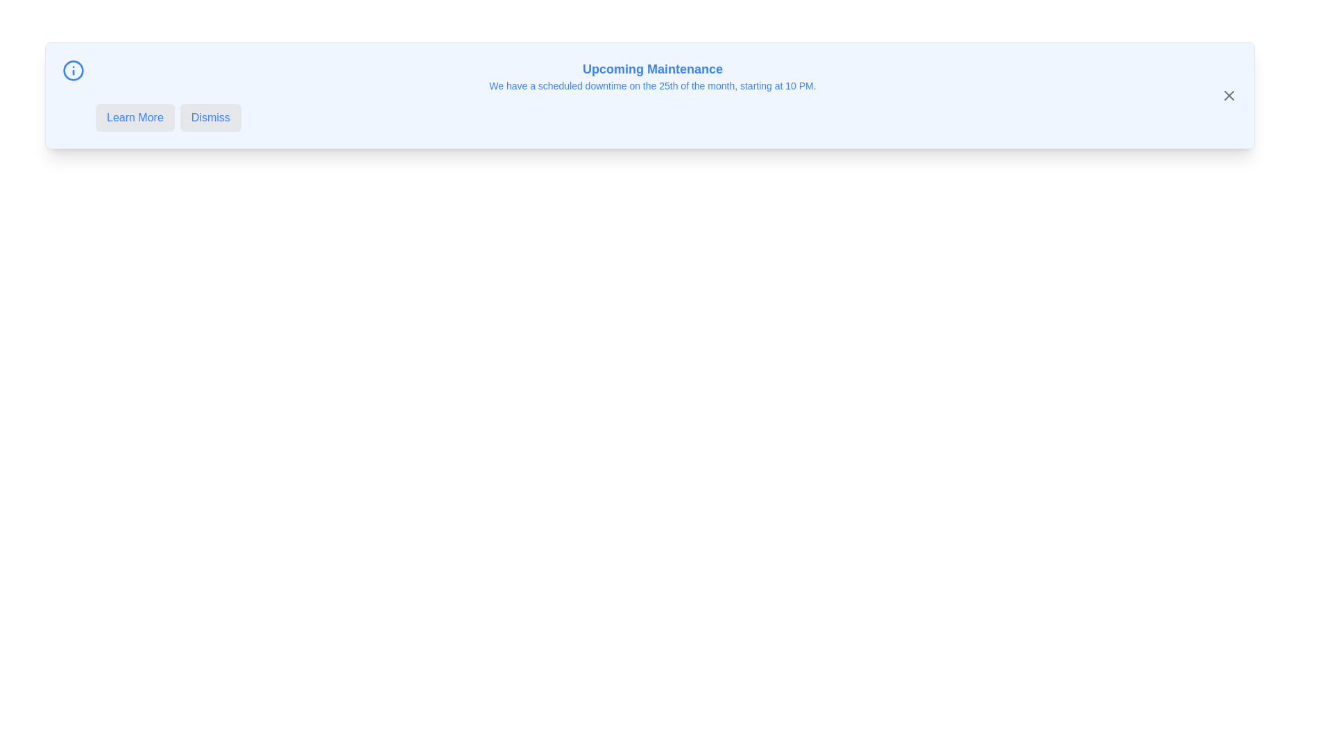 The width and height of the screenshot is (1332, 749). Describe the element at coordinates (651, 69) in the screenshot. I see `the text label element that displays 'Upcoming Maintenance', which is prominently positioned at the top of a notification box with a light blue background` at that location.